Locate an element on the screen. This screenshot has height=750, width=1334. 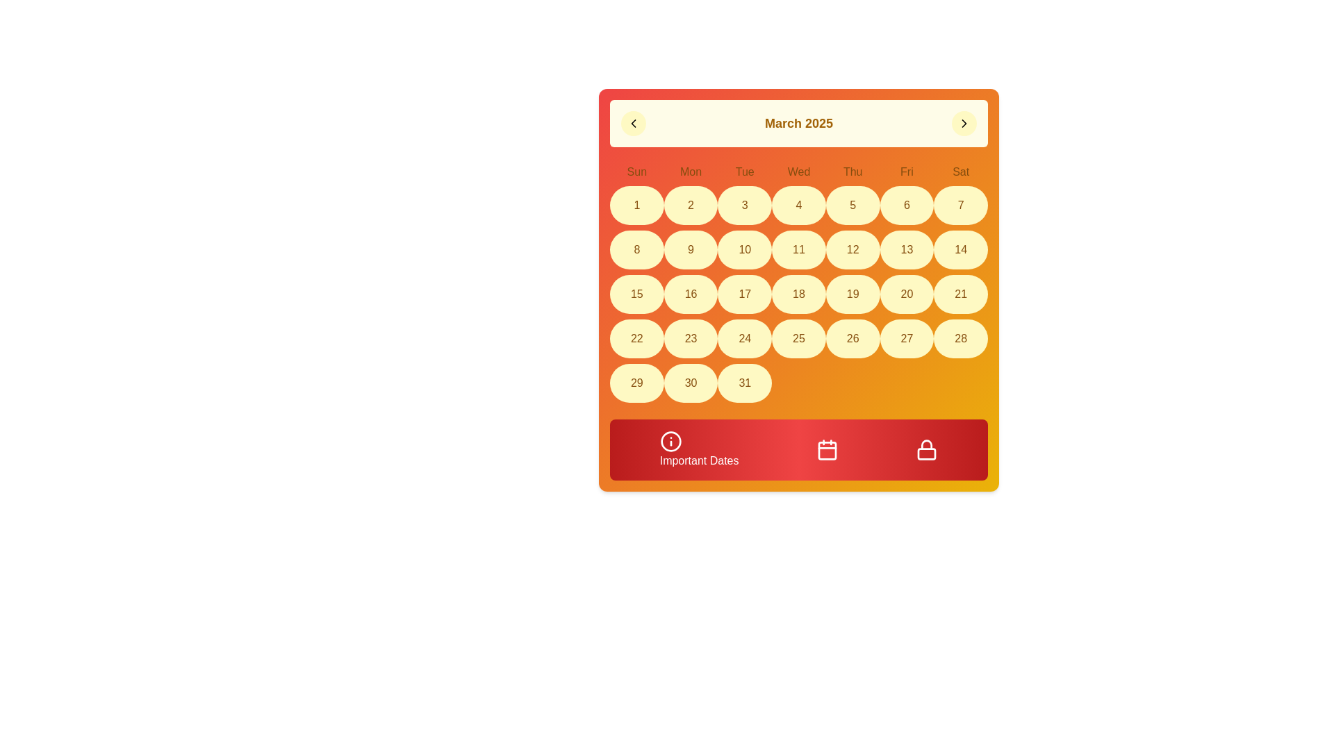
the circular button displaying the number '15' with a yellow background is located at coordinates (636, 294).